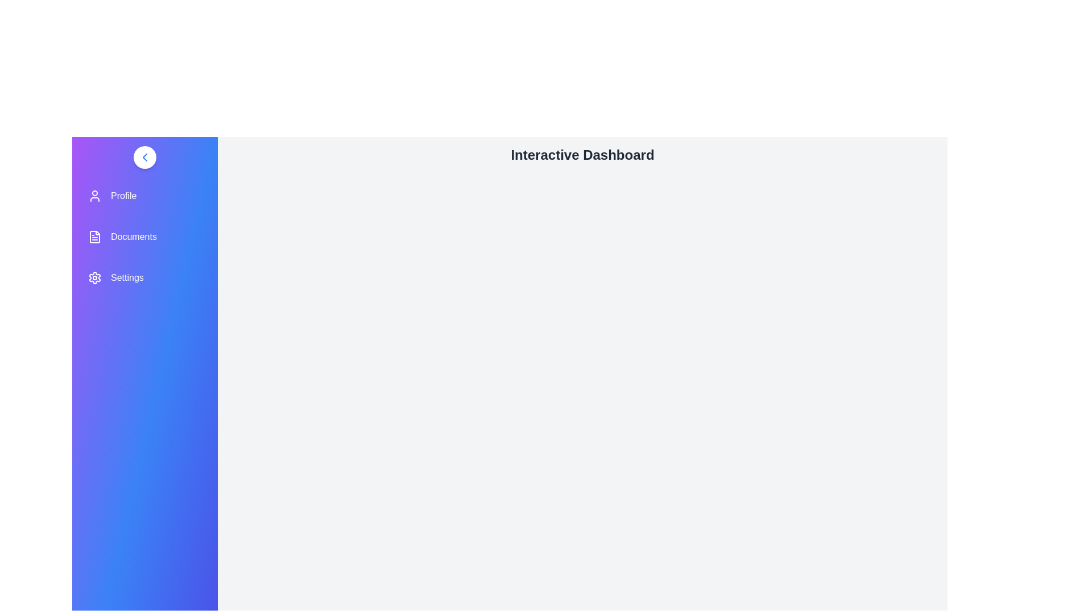 The image size is (1092, 614). What do you see at coordinates (144, 157) in the screenshot?
I see `the toggle button to change the drawer state` at bounding box center [144, 157].